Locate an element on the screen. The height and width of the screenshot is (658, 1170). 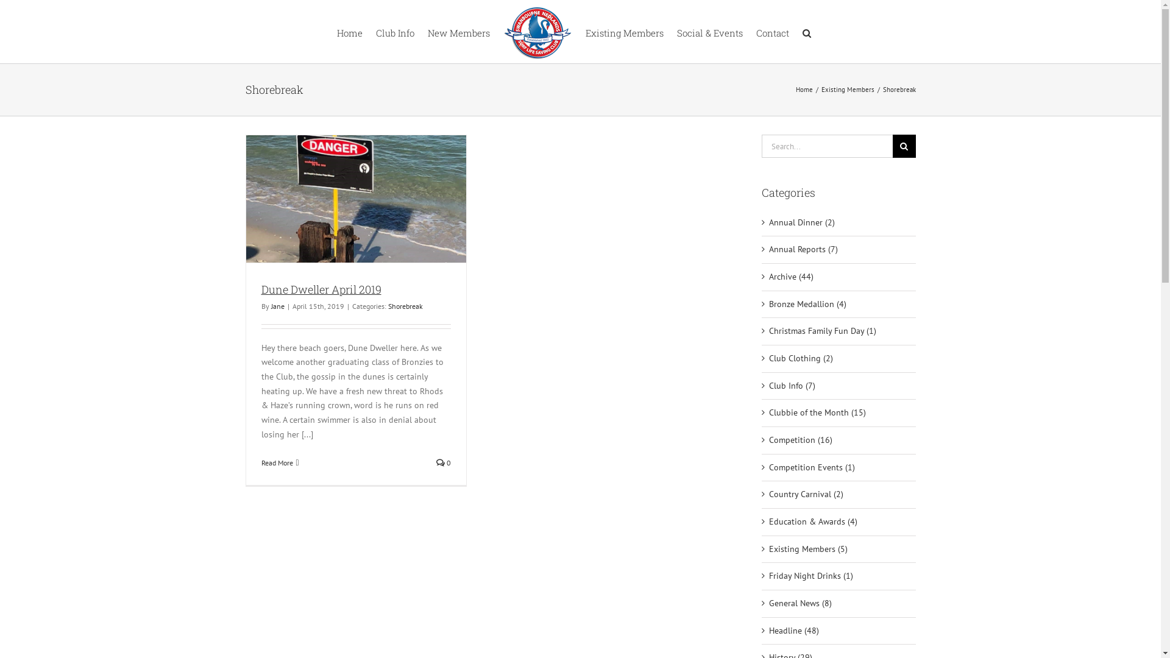
'Competition (16)' is located at coordinates (838, 440).